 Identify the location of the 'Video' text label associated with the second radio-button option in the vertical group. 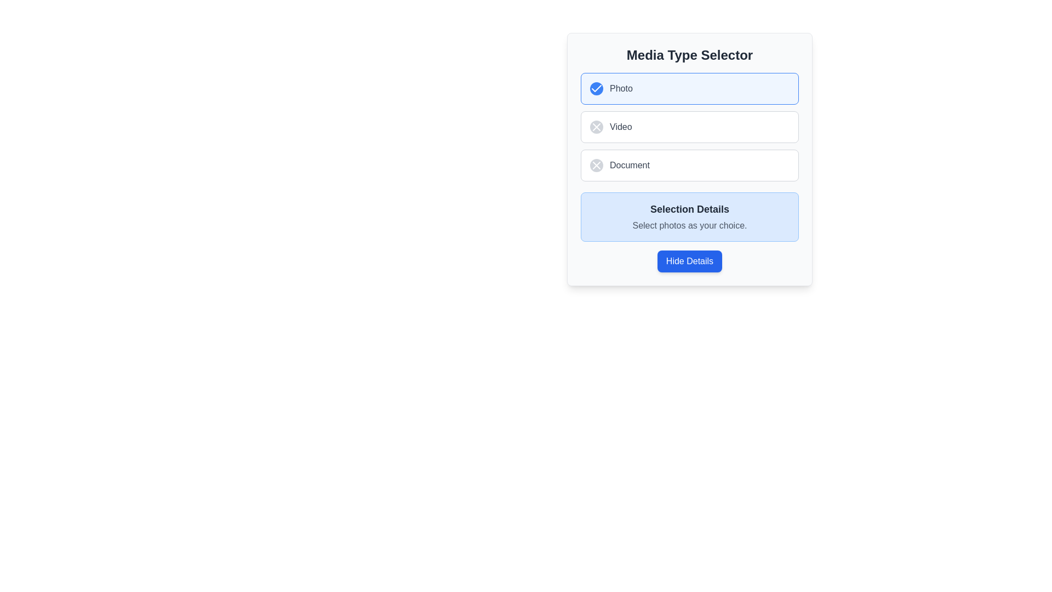
(621, 126).